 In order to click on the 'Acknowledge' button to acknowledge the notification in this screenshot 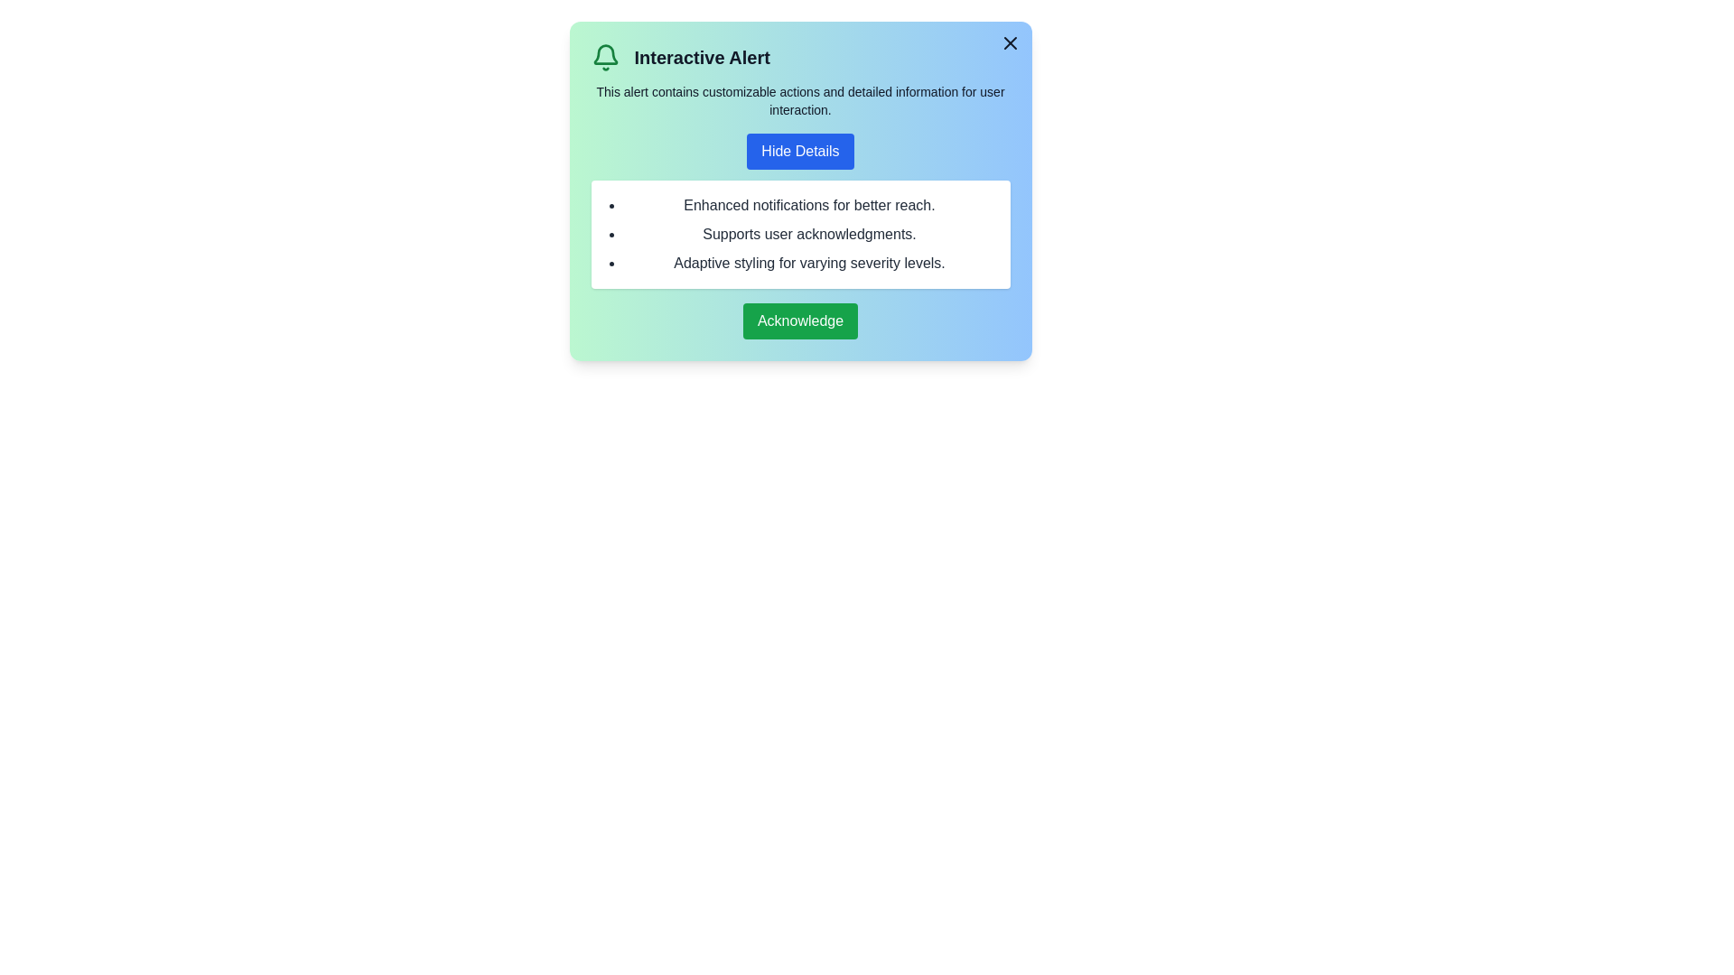, I will do `click(799, 320)`.